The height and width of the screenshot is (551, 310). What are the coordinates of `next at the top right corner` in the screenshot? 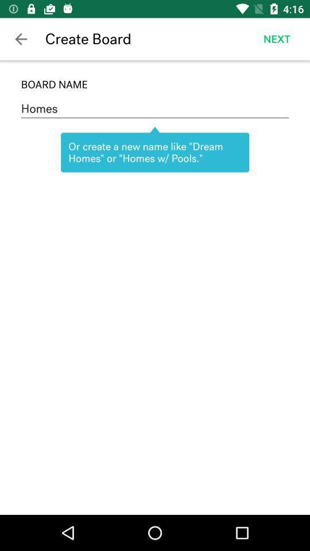 It's located at (276, 39).